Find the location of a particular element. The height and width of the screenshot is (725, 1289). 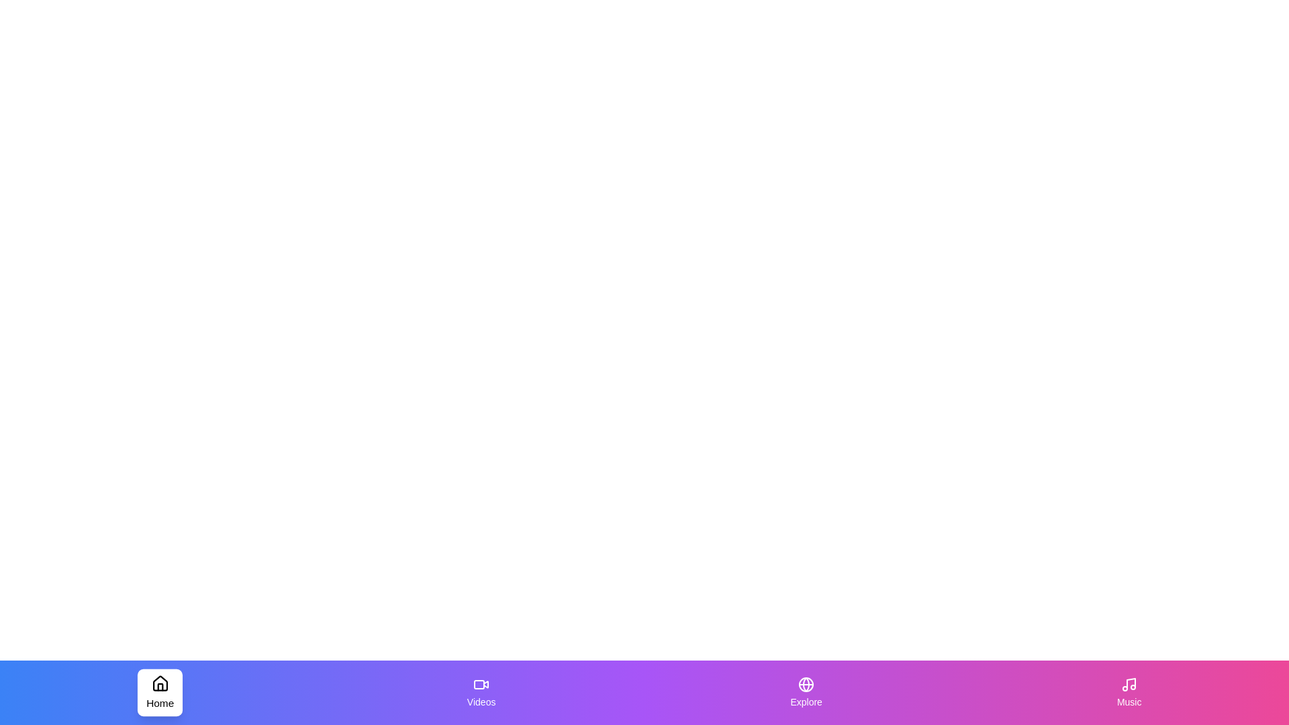

the Music tab by clicking on its icon or label is located at coordinates (1128, 693).